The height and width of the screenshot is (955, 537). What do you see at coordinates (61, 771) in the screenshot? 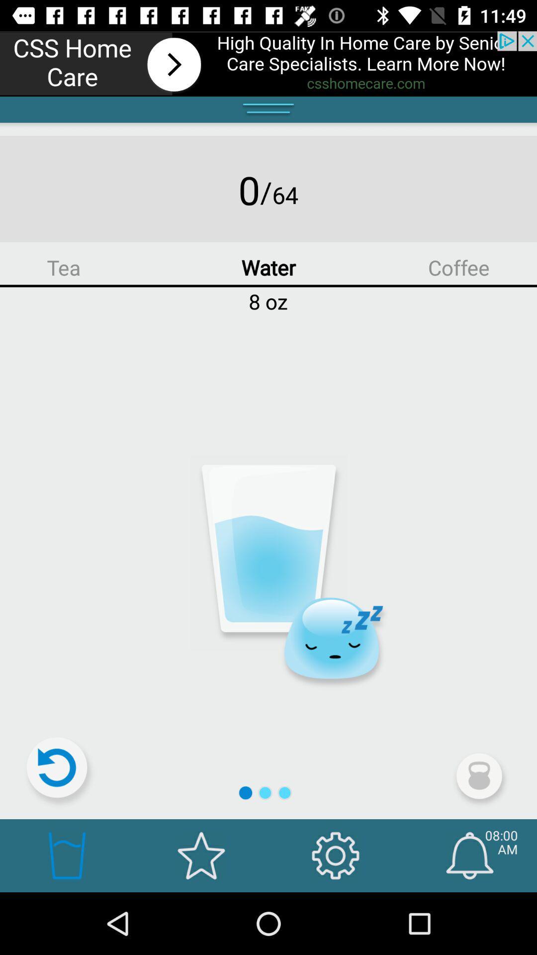
I see `go back` at bounding box center [61, 771].